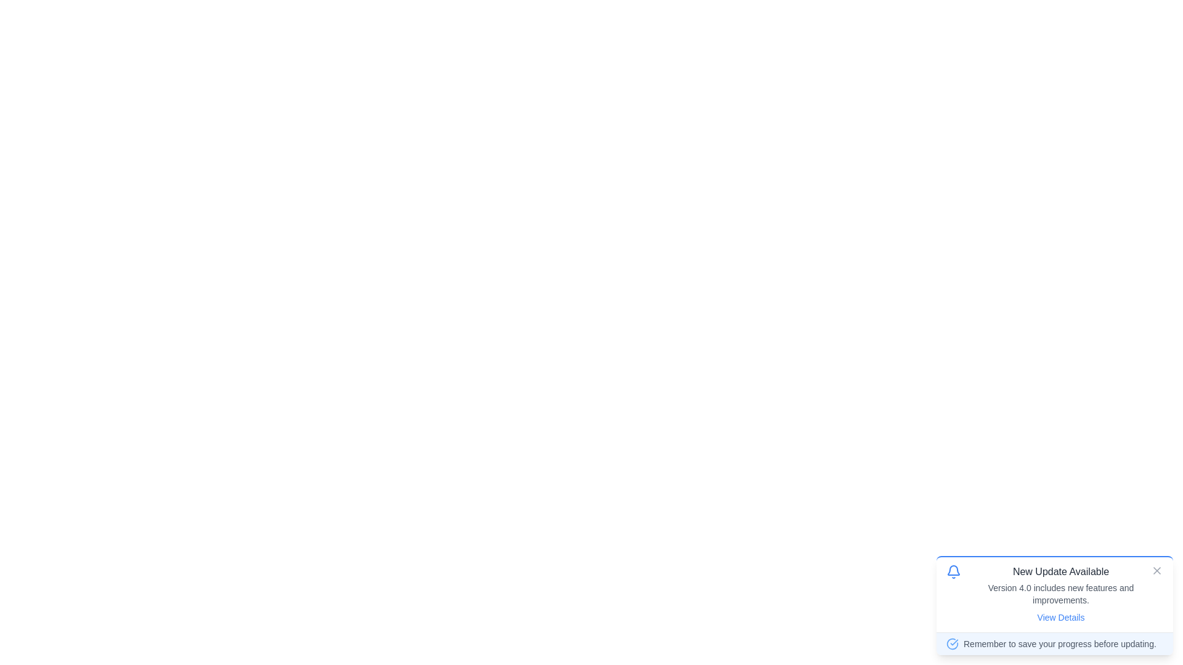  Describe the element at coordinates (953, 572) in the screenshot. I see `the bell icon located at the top-left corner of the notification banner, which signifies notifications or alerts` at that location.